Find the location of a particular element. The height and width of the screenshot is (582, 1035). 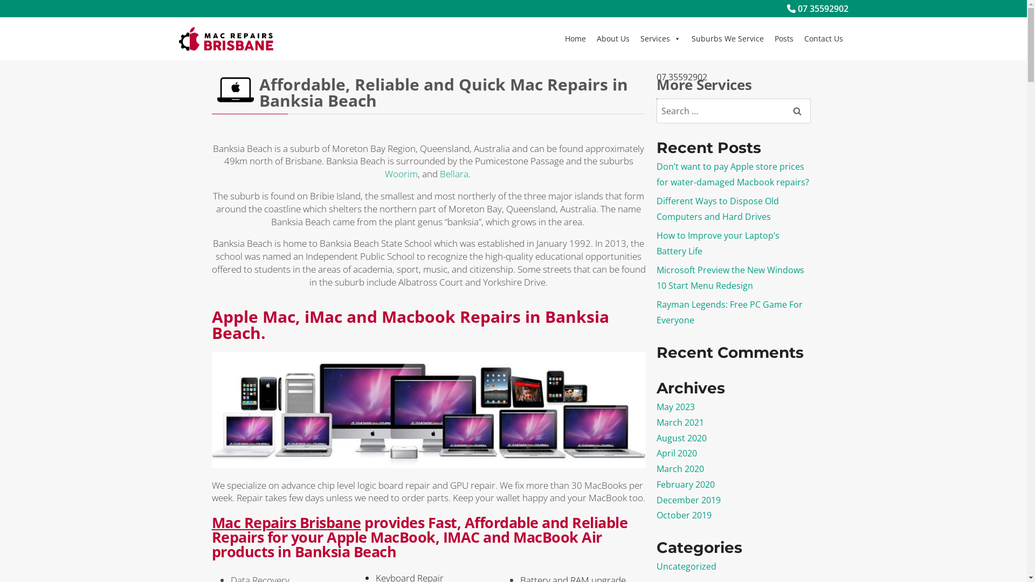

'Posts' is located at coordinates (783, 38).